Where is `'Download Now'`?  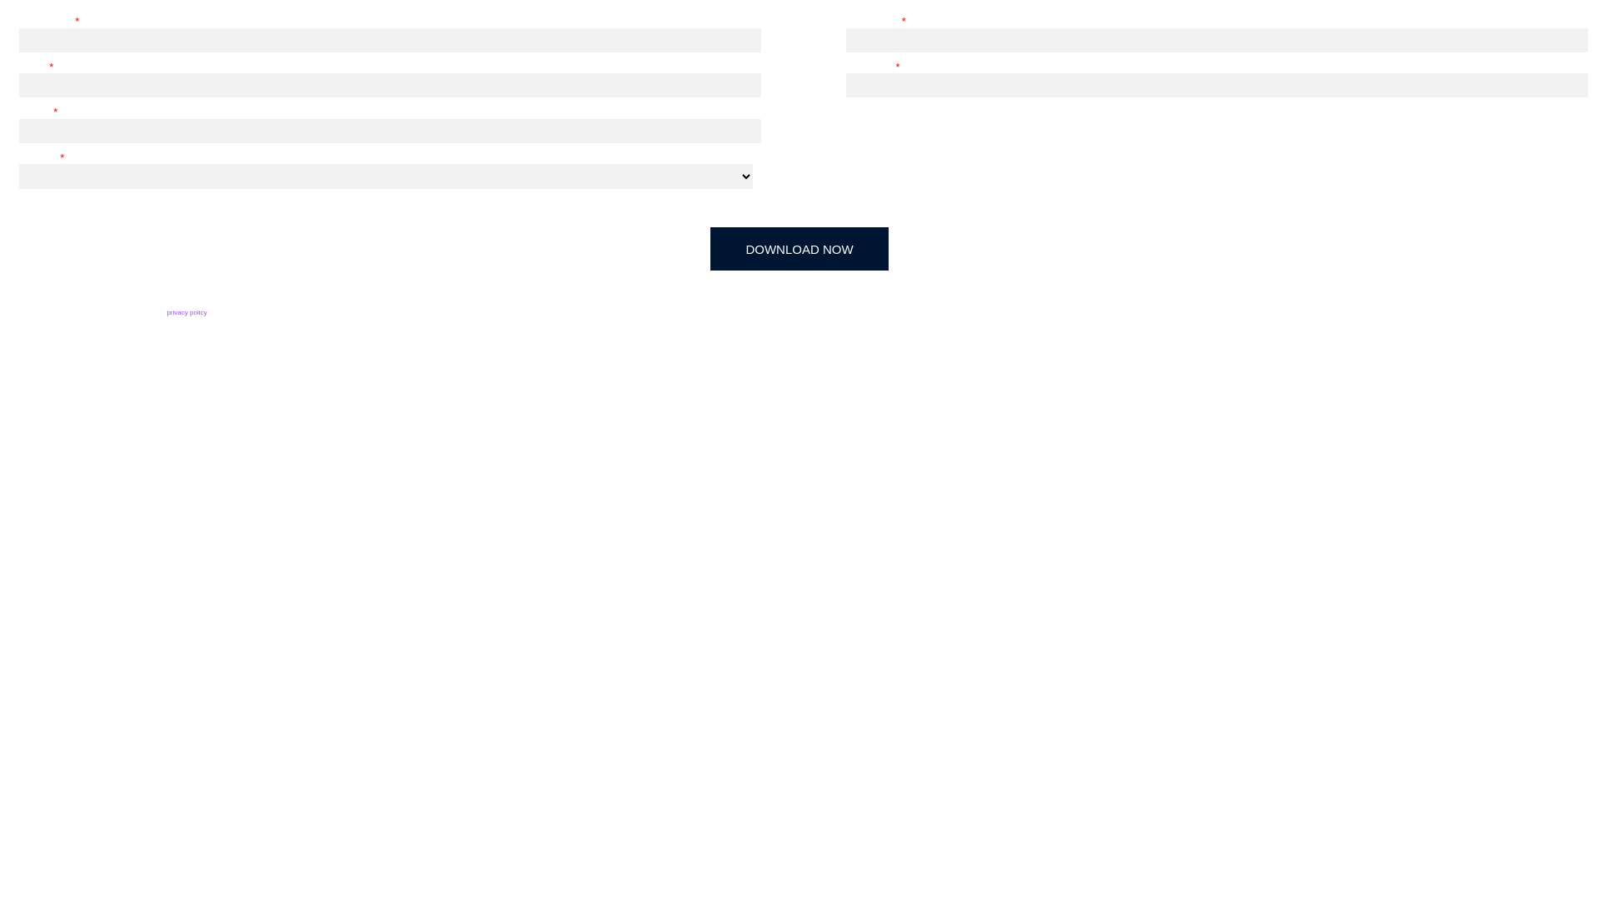 'Download Now' is located at coordinates (799, 249).